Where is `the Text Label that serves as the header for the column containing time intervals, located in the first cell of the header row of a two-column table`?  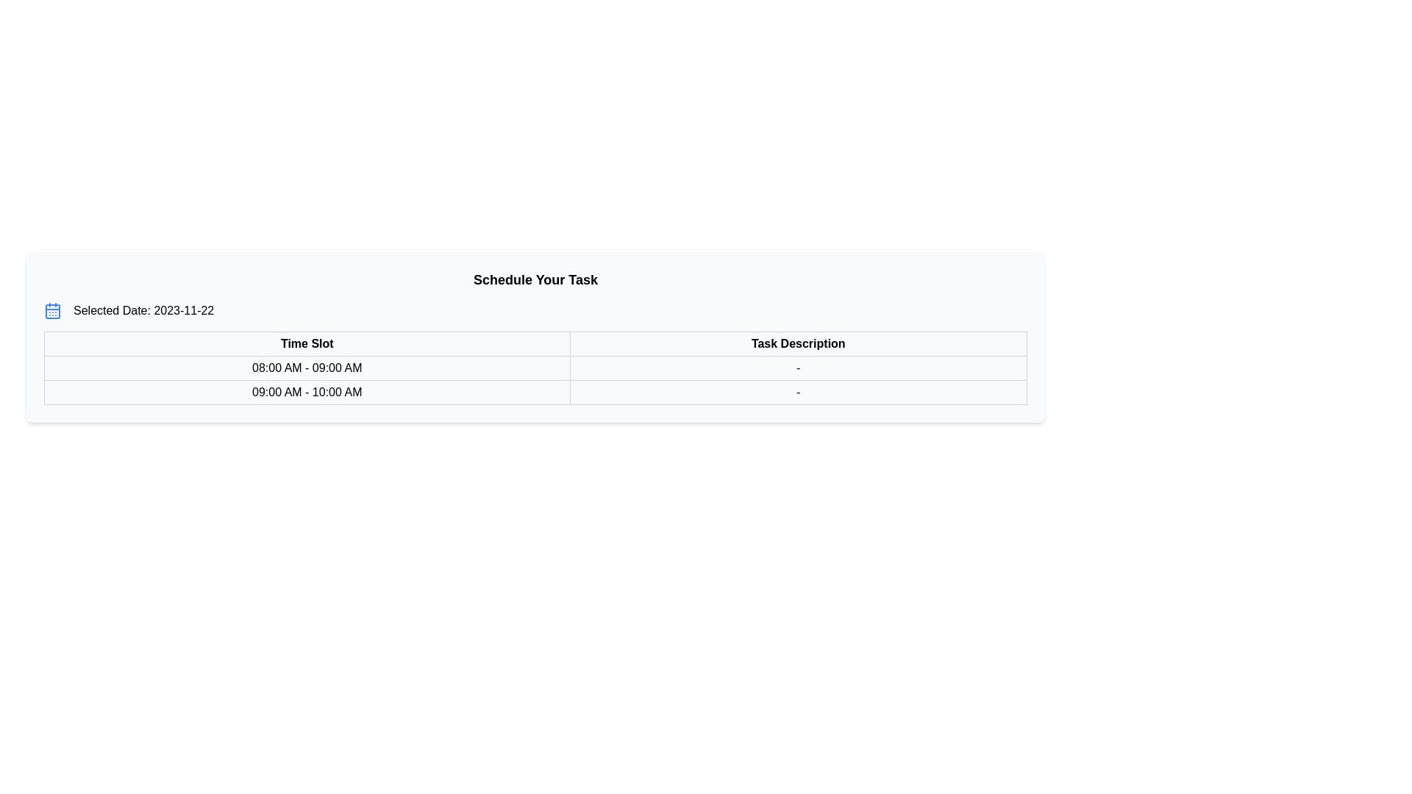
the Text Label that serves as the header for the column containing time intervals, located in the first cell of the header row of a two-column table is located at coordinates (306, 343).